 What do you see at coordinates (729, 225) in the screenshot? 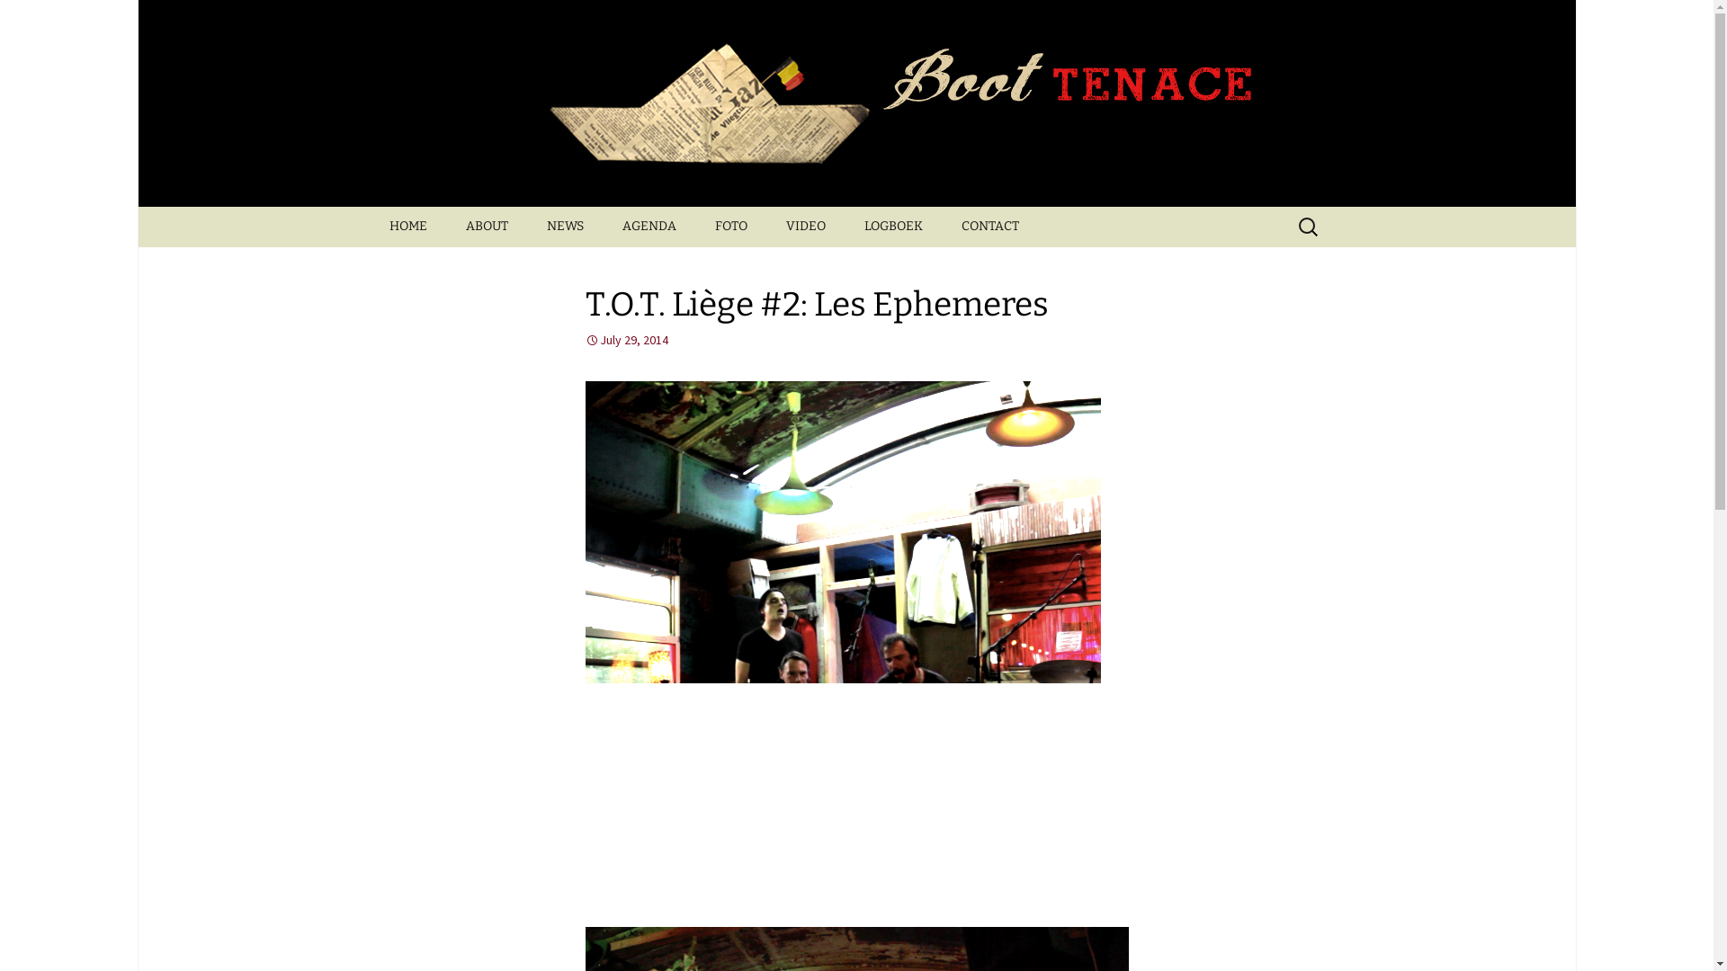
I see `'FOTO'` at bounding box center [729, 225].